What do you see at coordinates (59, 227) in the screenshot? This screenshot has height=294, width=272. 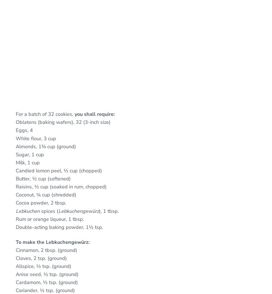 I see `'Double-acting baking powder, 1½ tsp.'` at bounding box center [59, 227].